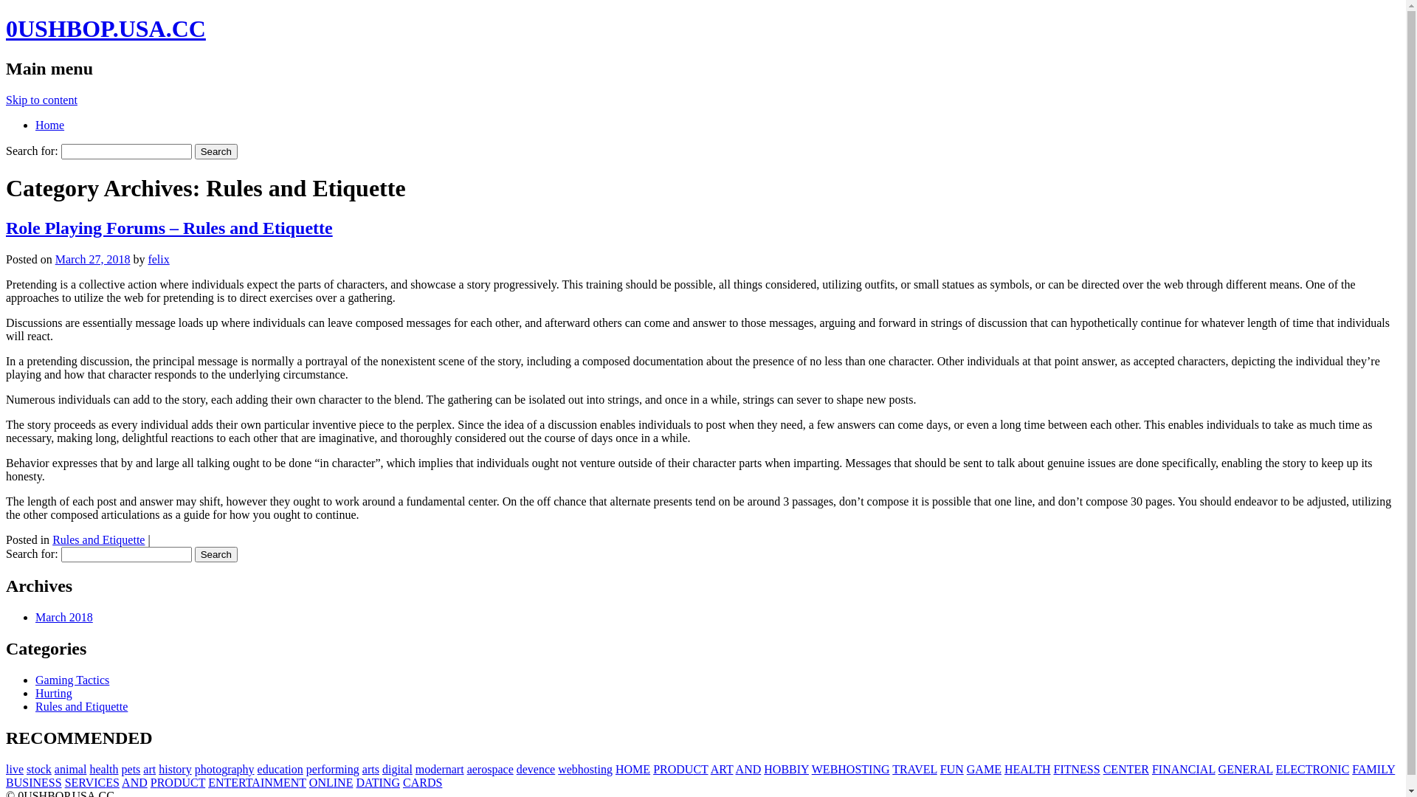 Image resolution: width=1417 pixels, height=797 pixels. Describe the element at coordinates (1222, 768) in the screenshot. I see `'G'` at that location.